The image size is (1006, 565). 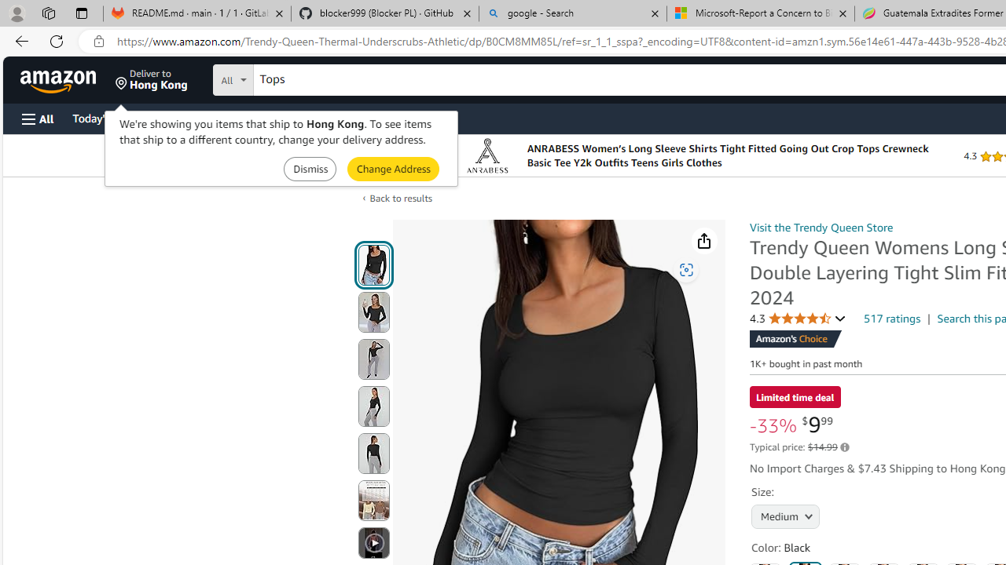 What do you see at coordinates (292, 78) in the screenshot?
I see `'Search in'` at bounding box center [292, 78].